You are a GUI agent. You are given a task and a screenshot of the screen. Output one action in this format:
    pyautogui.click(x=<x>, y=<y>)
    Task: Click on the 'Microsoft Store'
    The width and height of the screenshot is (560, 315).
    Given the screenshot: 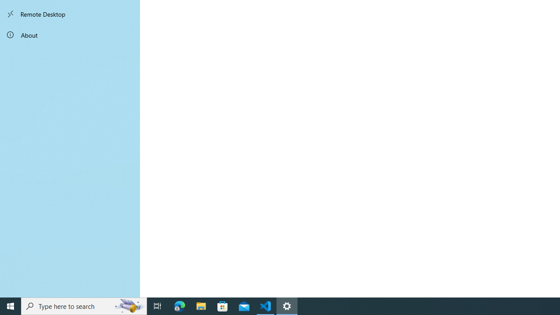 What is the action you would take?
    pyautogui.click(x=223, y=305)
    